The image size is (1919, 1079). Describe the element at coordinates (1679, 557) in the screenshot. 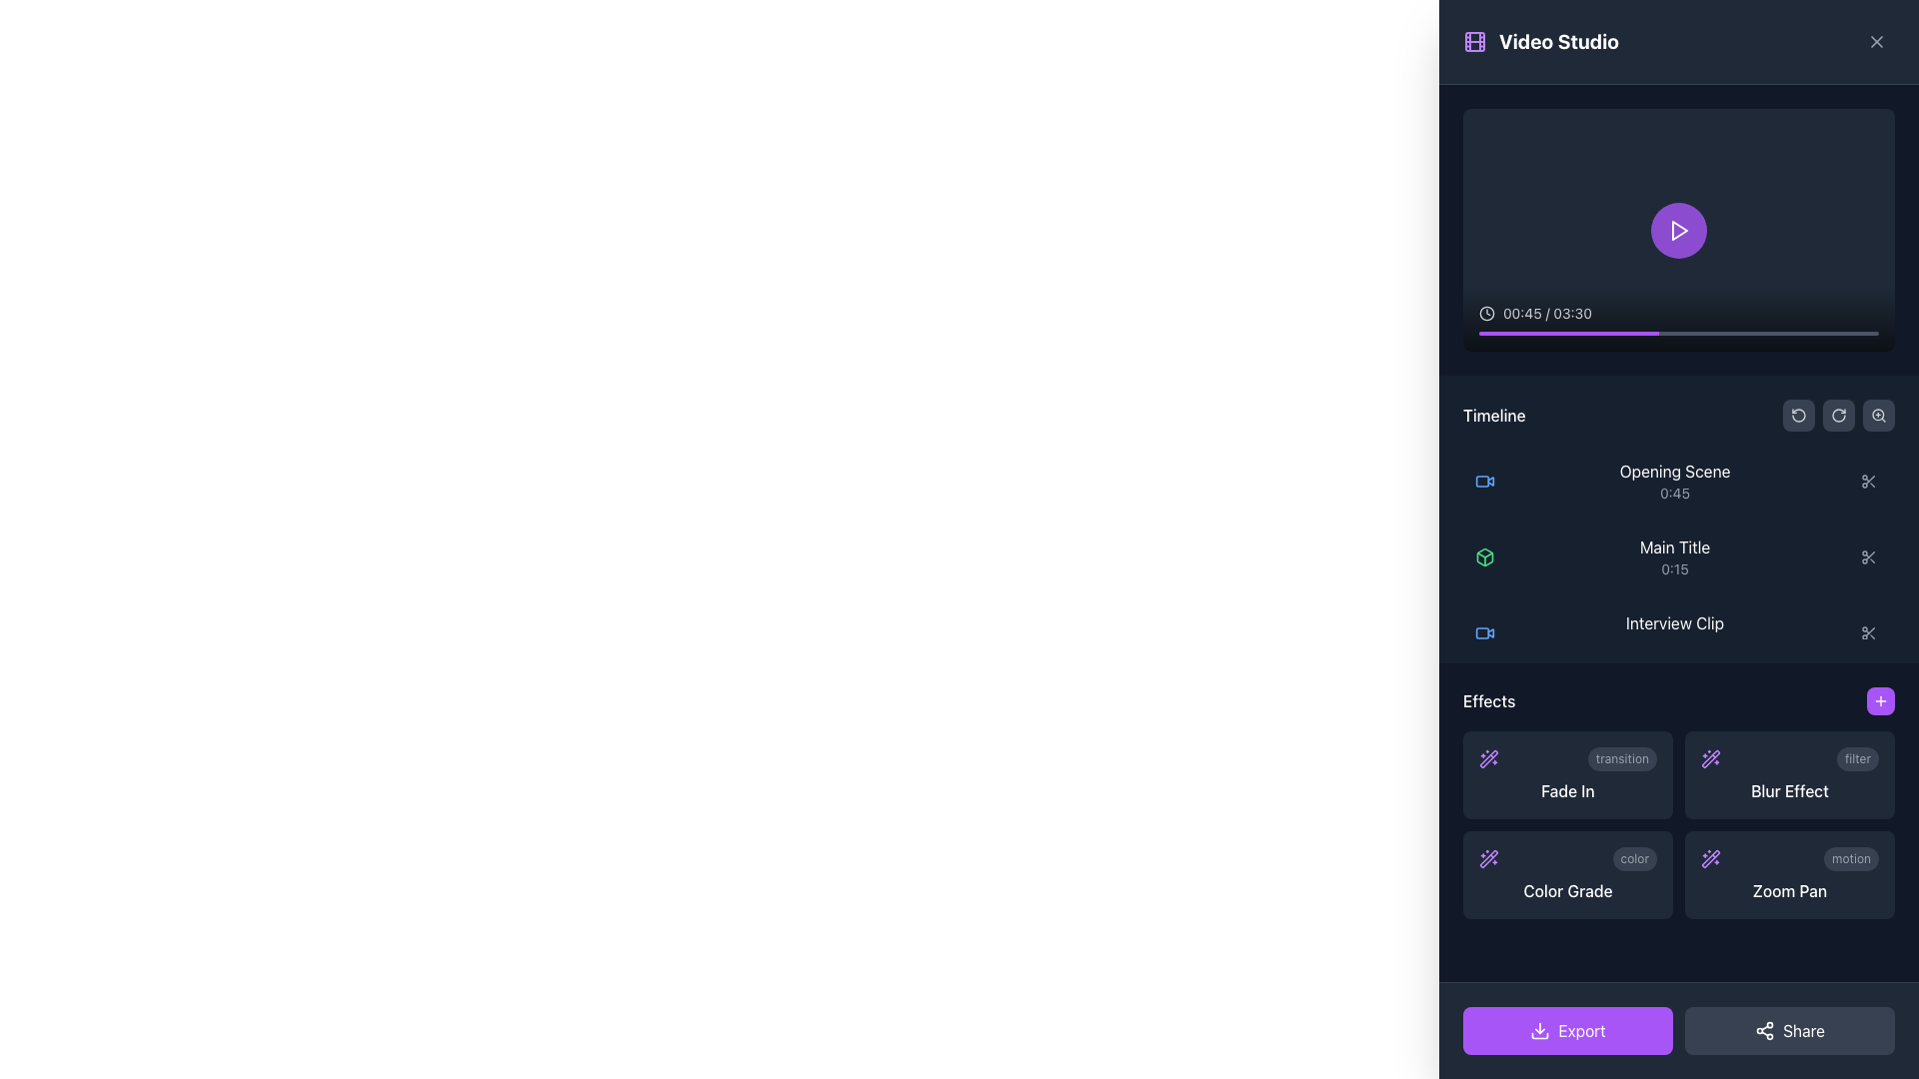

I see `the second timeline entry labeled 'Main Title'` at that location.